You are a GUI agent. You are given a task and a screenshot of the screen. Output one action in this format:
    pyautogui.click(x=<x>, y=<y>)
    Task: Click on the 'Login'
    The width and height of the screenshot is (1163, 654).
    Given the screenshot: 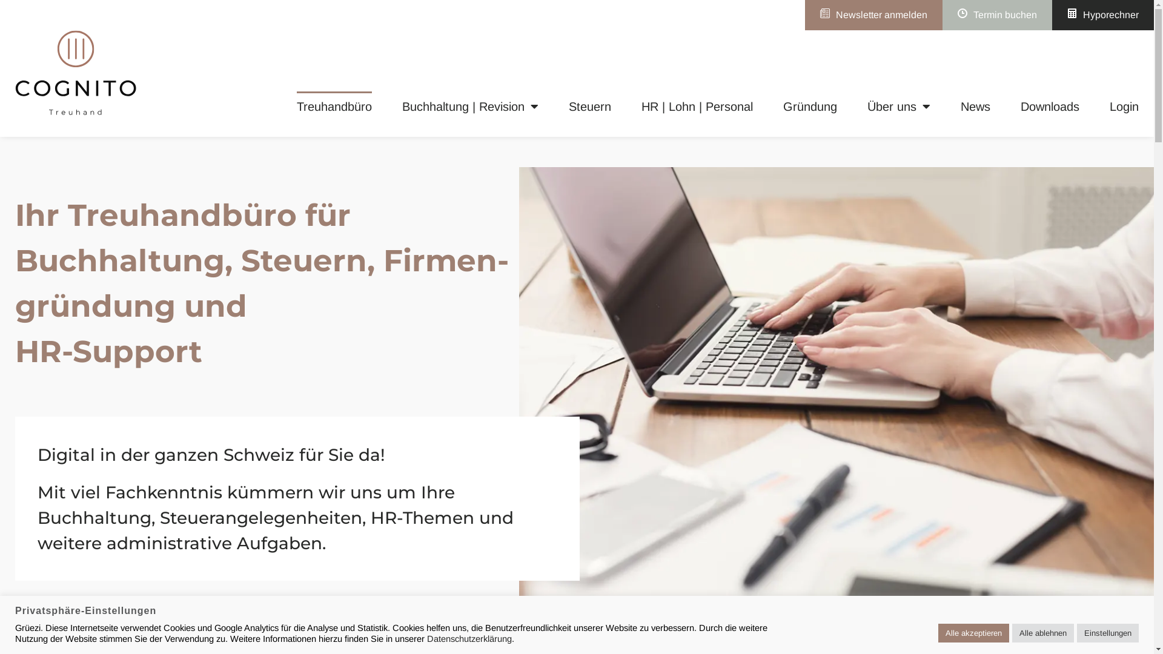 What is the action you would take?
    pyautogui.click(x=1124, y=106)
    